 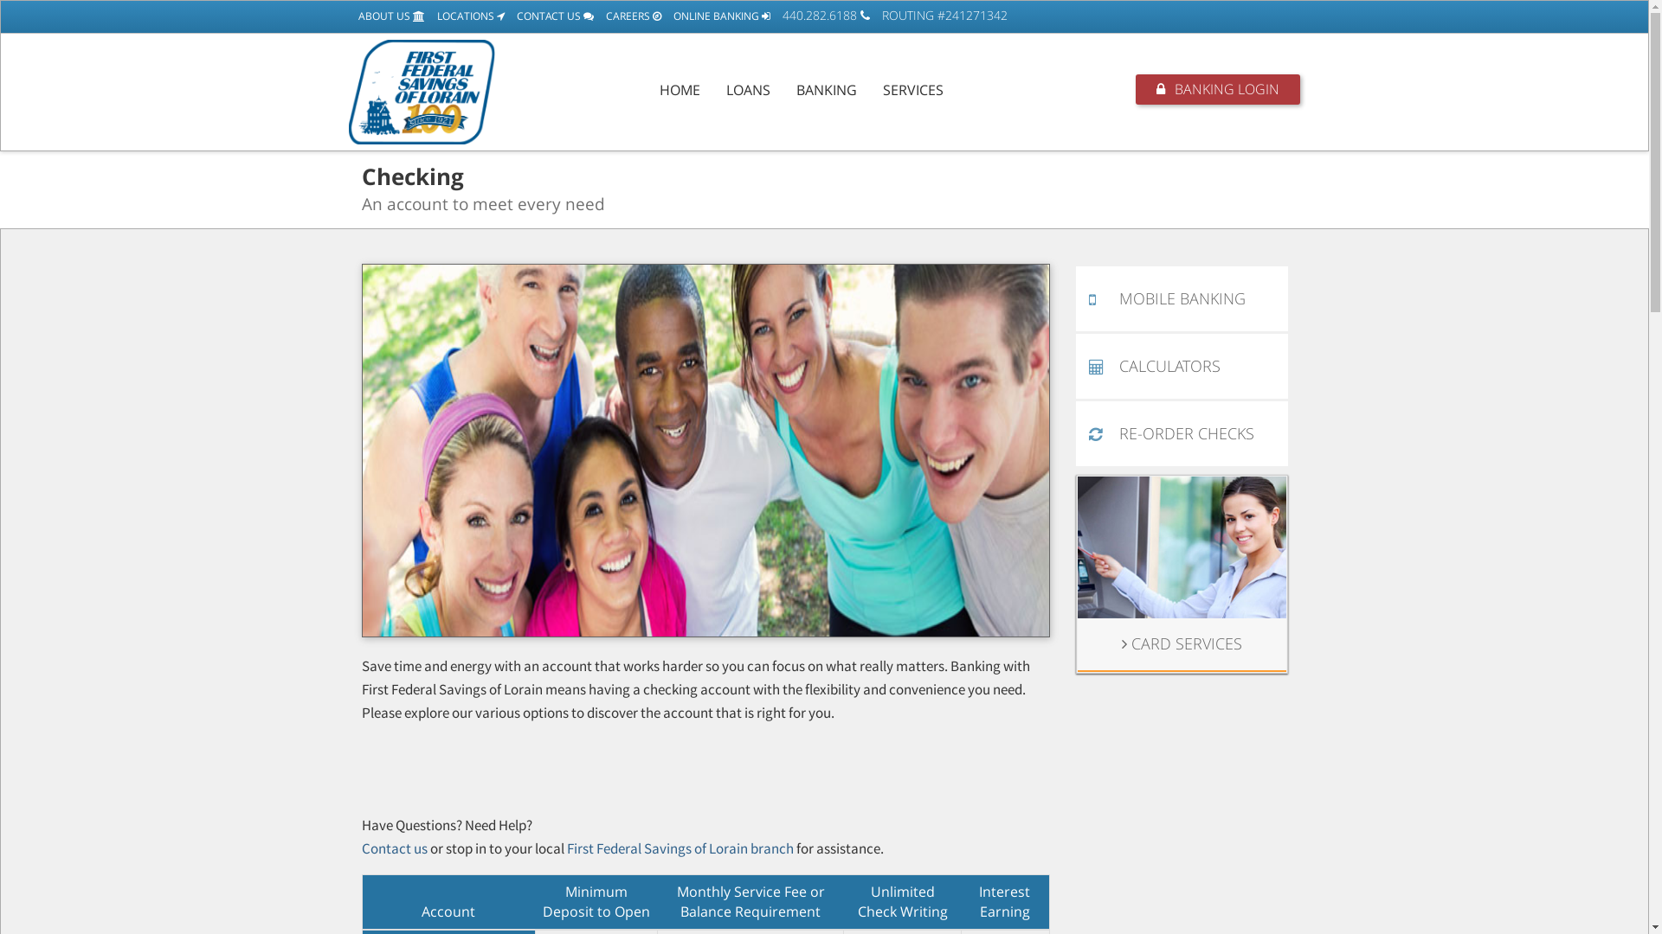 I want to click on 'ROUTING #241271342', so click(x=938, y=15).